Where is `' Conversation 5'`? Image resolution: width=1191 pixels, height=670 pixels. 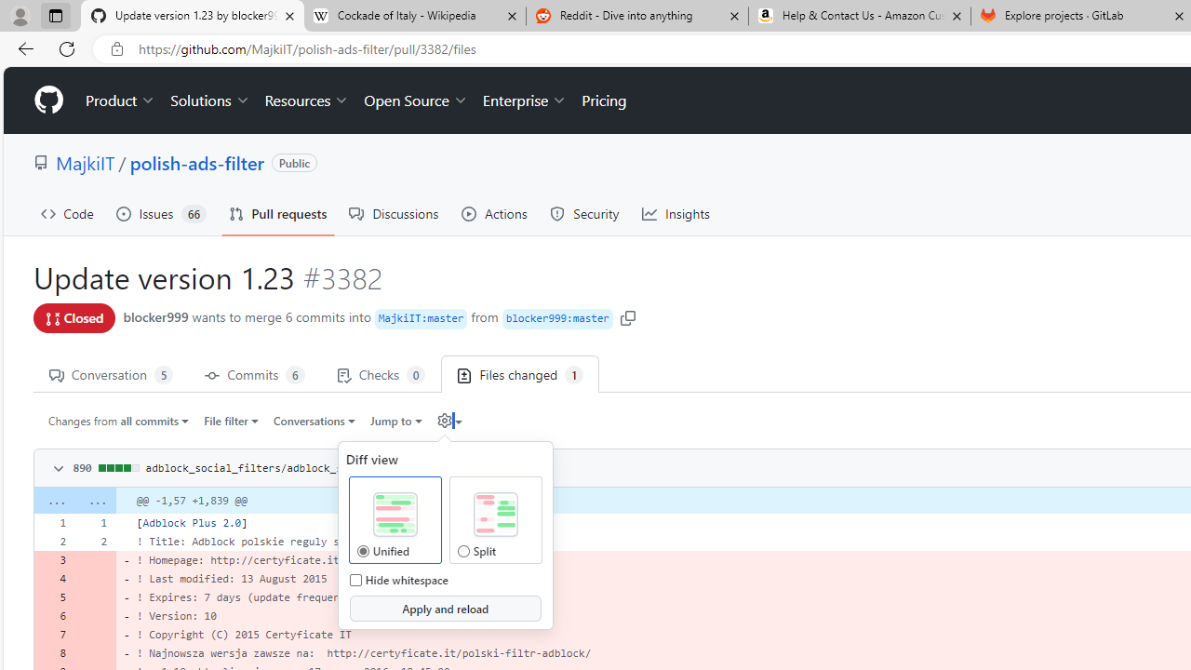 ' Conversation 5' is located at coordinates (110, 374).